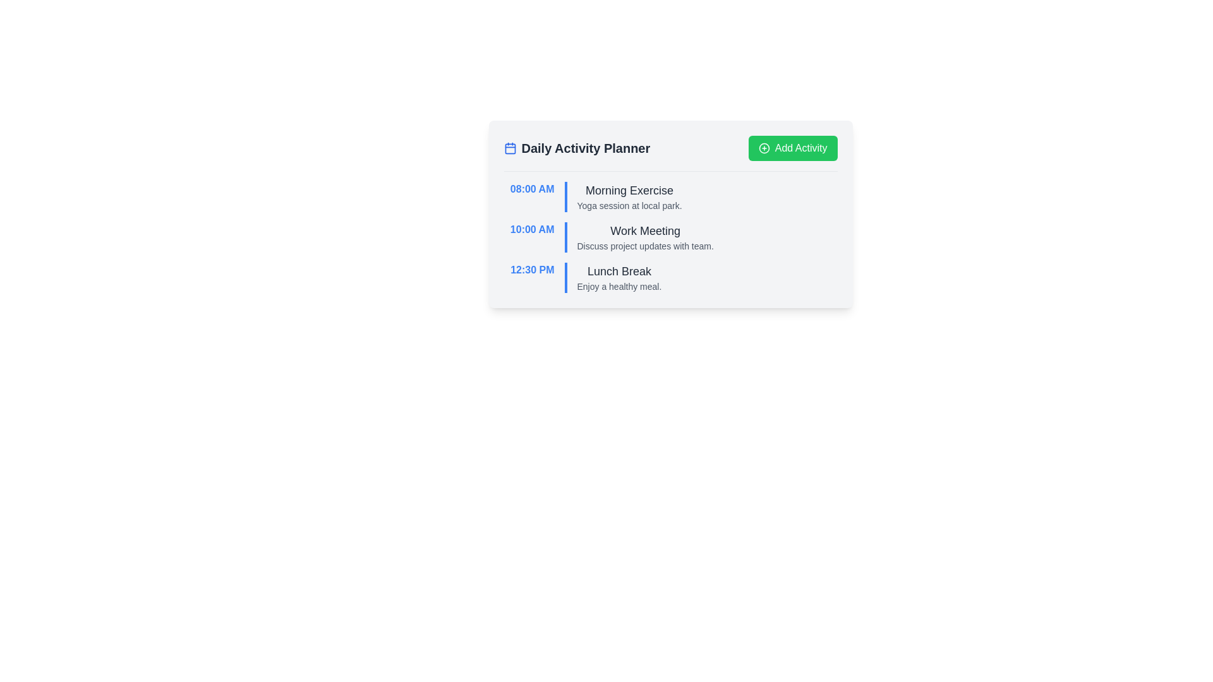 Image resolution: width=1213 pixels, height=682 pixels. Describe the element at coordinates (763, 148) in the screenshot. I see `the circular plus icon within the bright green 'Add Activity' button` at that location.